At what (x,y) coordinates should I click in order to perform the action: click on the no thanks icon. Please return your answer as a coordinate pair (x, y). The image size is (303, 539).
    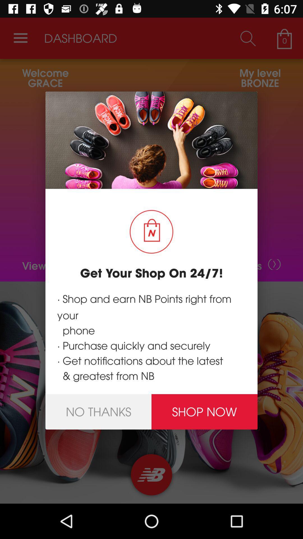
    Looking at the image, I should click on (98, 412).